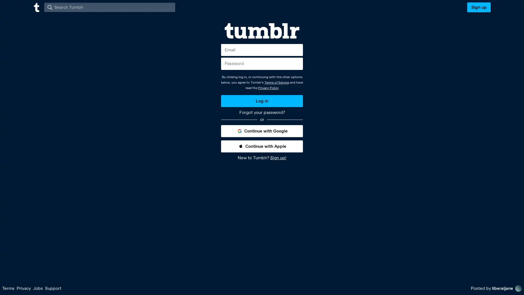 The height and width of the screenshot is (295, 524). I want to click on Scroll to top, so click(513, 289).